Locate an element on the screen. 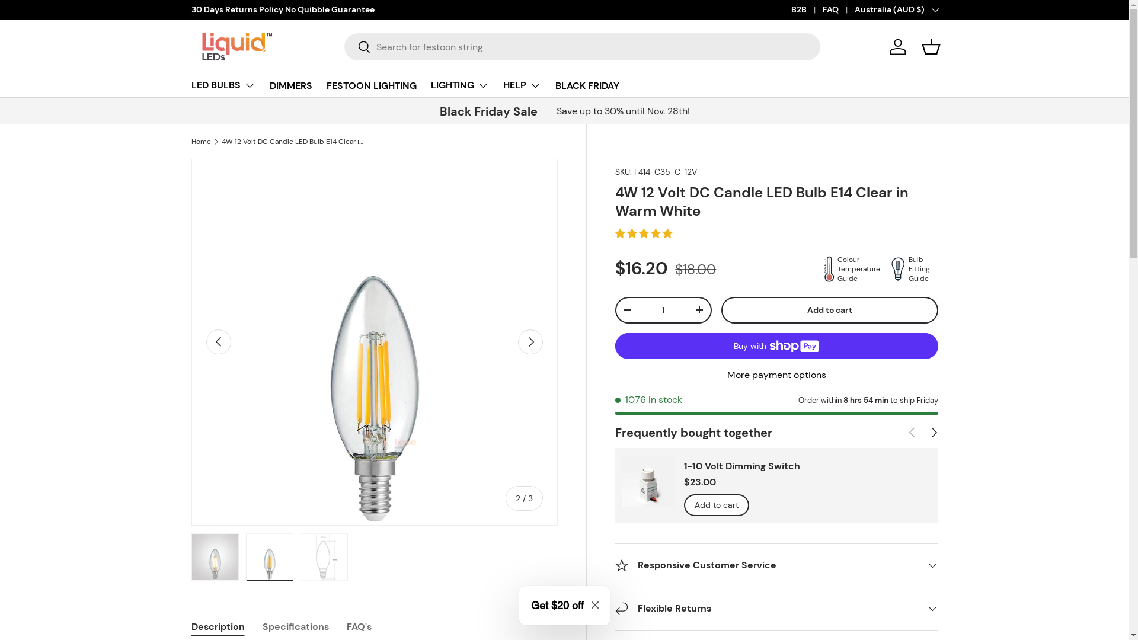 The width and height of the screenshot is (1138, 640). 'Bulb Fitting Guide' is located at coordinates (910, 269).